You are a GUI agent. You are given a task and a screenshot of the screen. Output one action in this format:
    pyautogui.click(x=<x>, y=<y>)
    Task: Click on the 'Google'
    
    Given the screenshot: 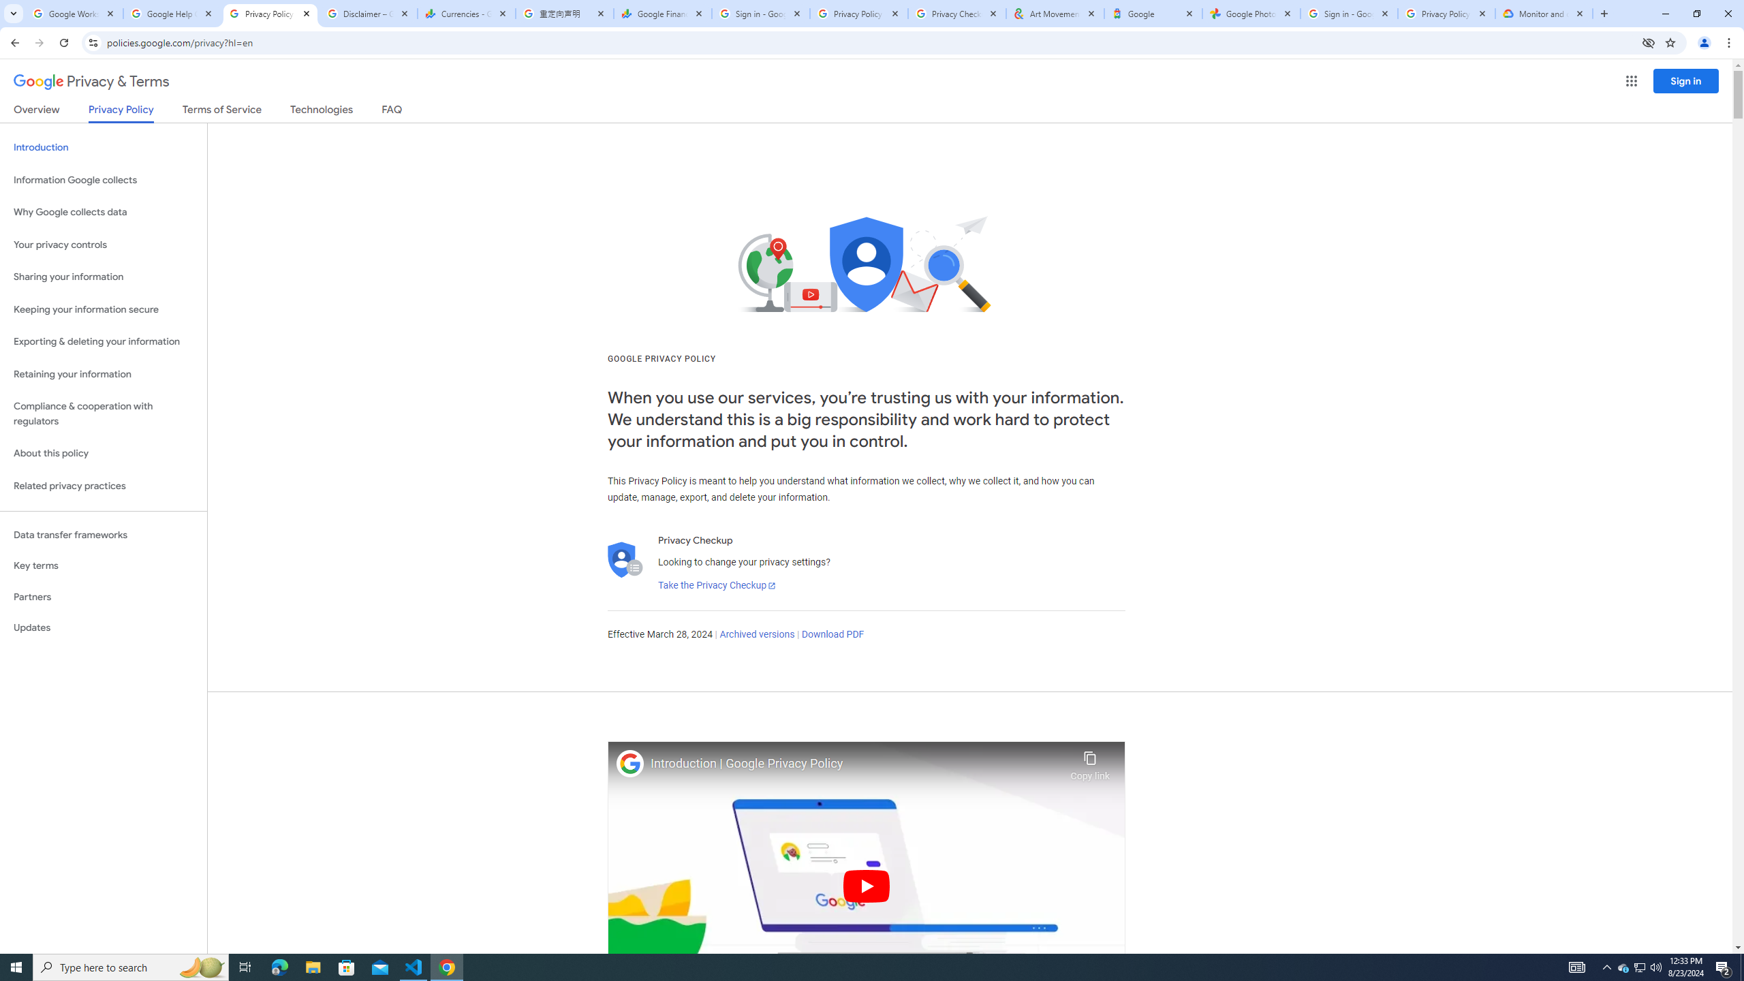 What is the action you would take?
    pyautogui.click(x=1153, y=13)
    